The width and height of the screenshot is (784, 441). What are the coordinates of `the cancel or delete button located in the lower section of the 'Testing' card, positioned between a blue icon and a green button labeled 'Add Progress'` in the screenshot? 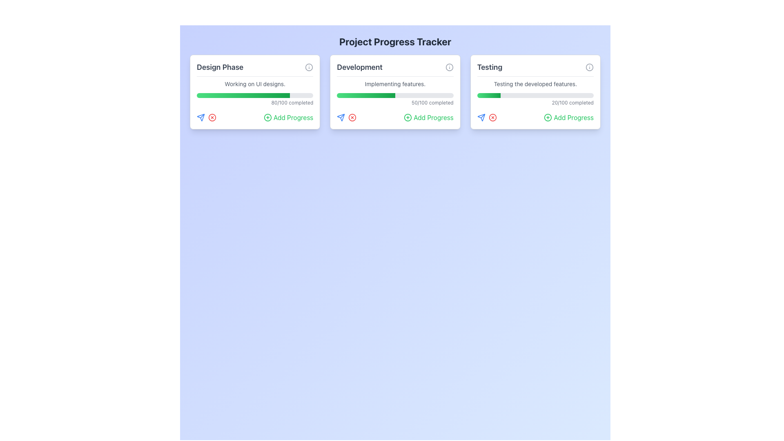 It's located at (492, 118).